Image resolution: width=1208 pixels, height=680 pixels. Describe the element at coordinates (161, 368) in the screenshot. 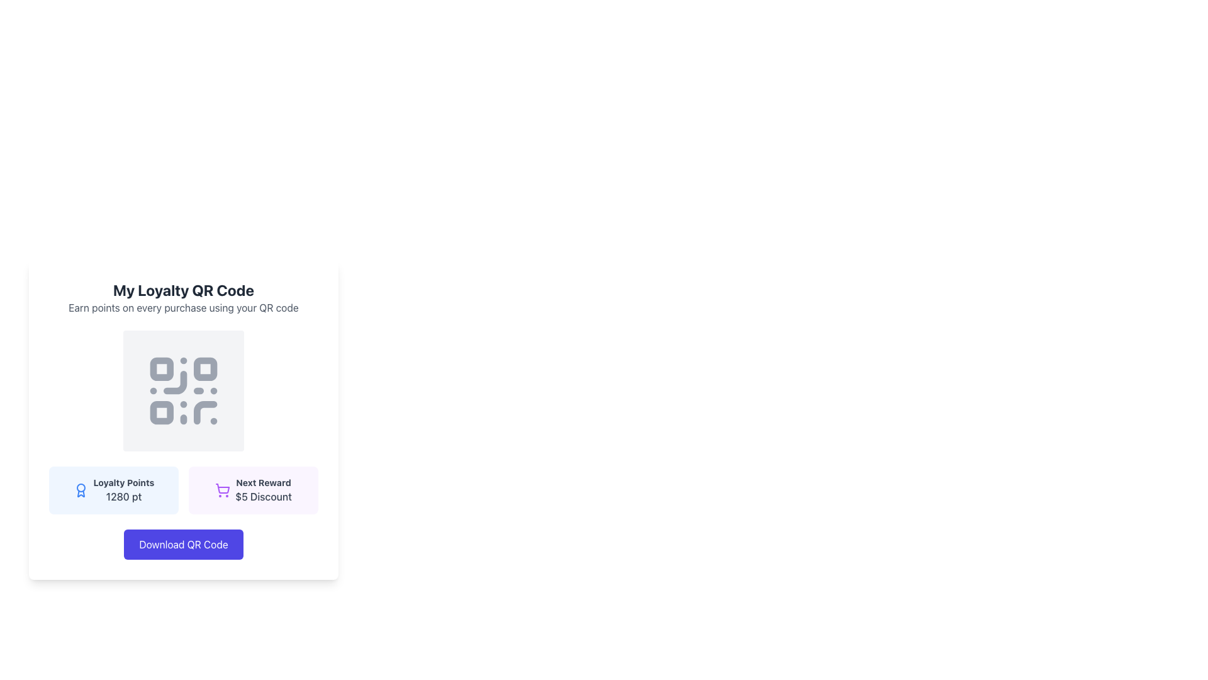

I see `the QR code segment located at the top-left corner of the QR code graphic within the 'My Loyalty QR Code' card` at that location.